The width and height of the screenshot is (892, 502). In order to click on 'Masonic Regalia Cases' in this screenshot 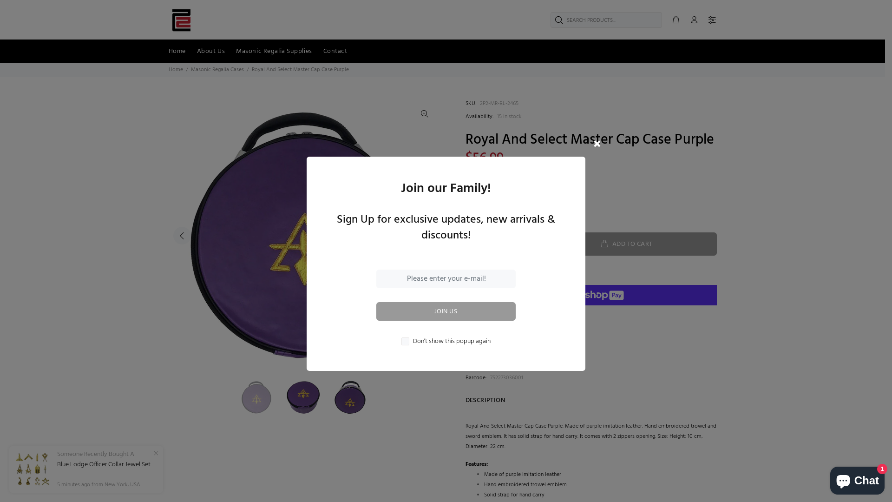, I will do `click(190, 69)`.